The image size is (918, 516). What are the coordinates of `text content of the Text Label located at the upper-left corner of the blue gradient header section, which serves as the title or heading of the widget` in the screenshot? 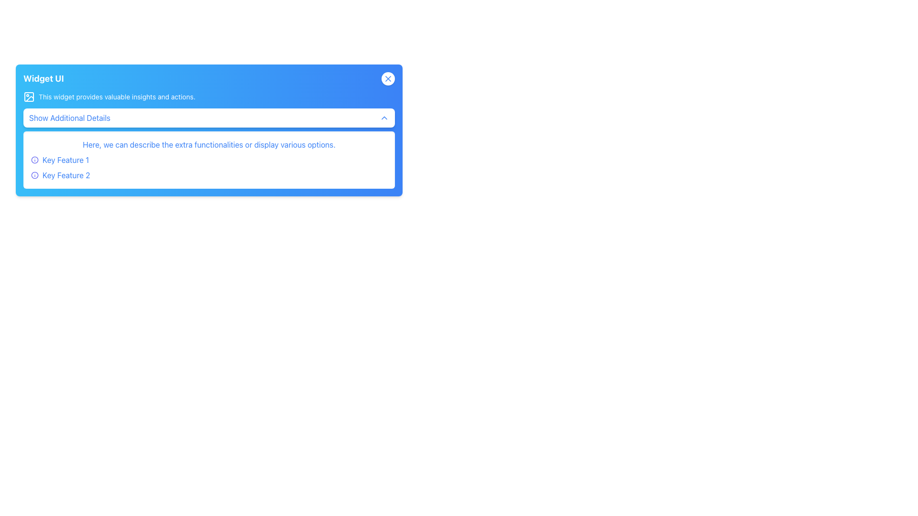 It's located at (43, 78).